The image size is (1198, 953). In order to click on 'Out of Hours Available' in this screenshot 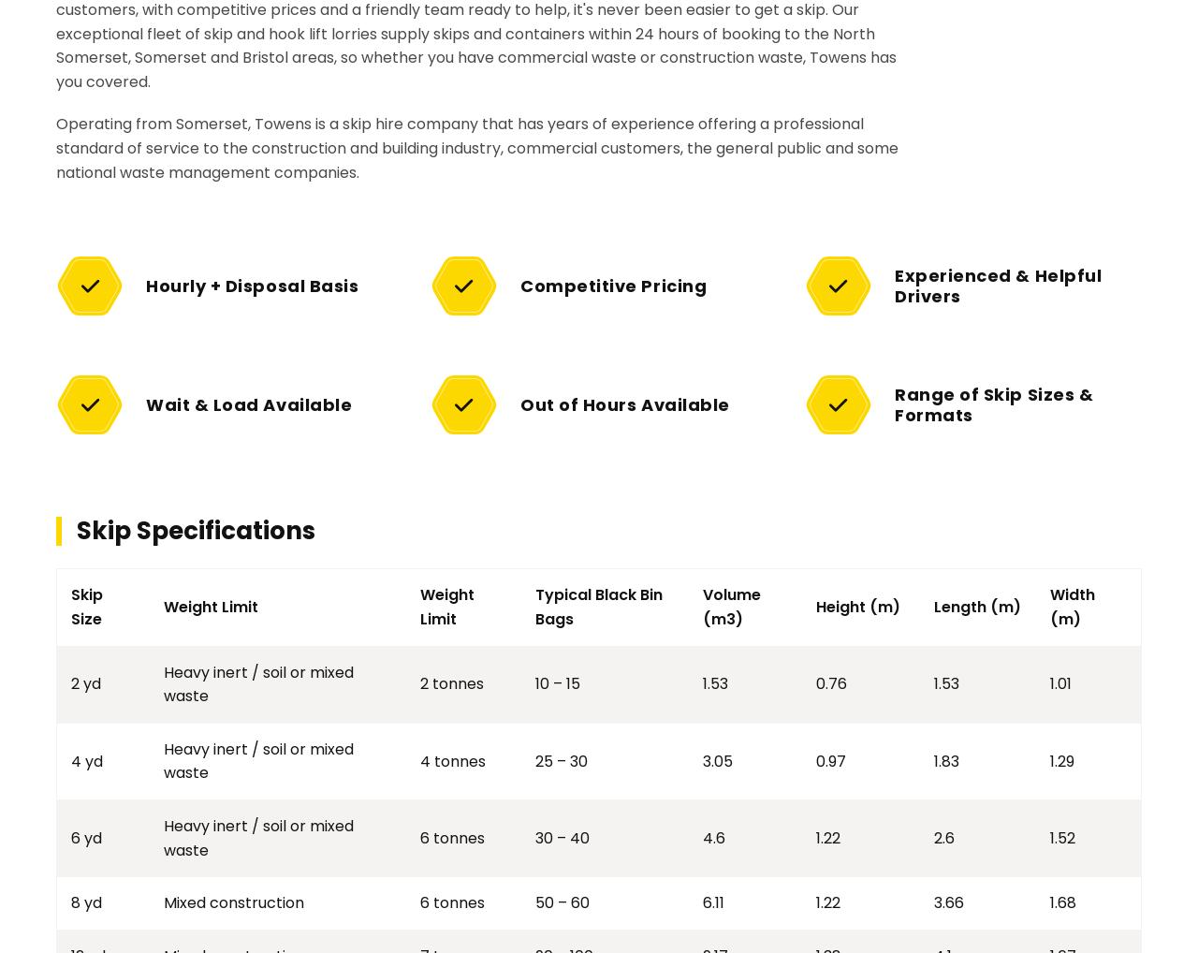, I will do `click(624, 403)`.